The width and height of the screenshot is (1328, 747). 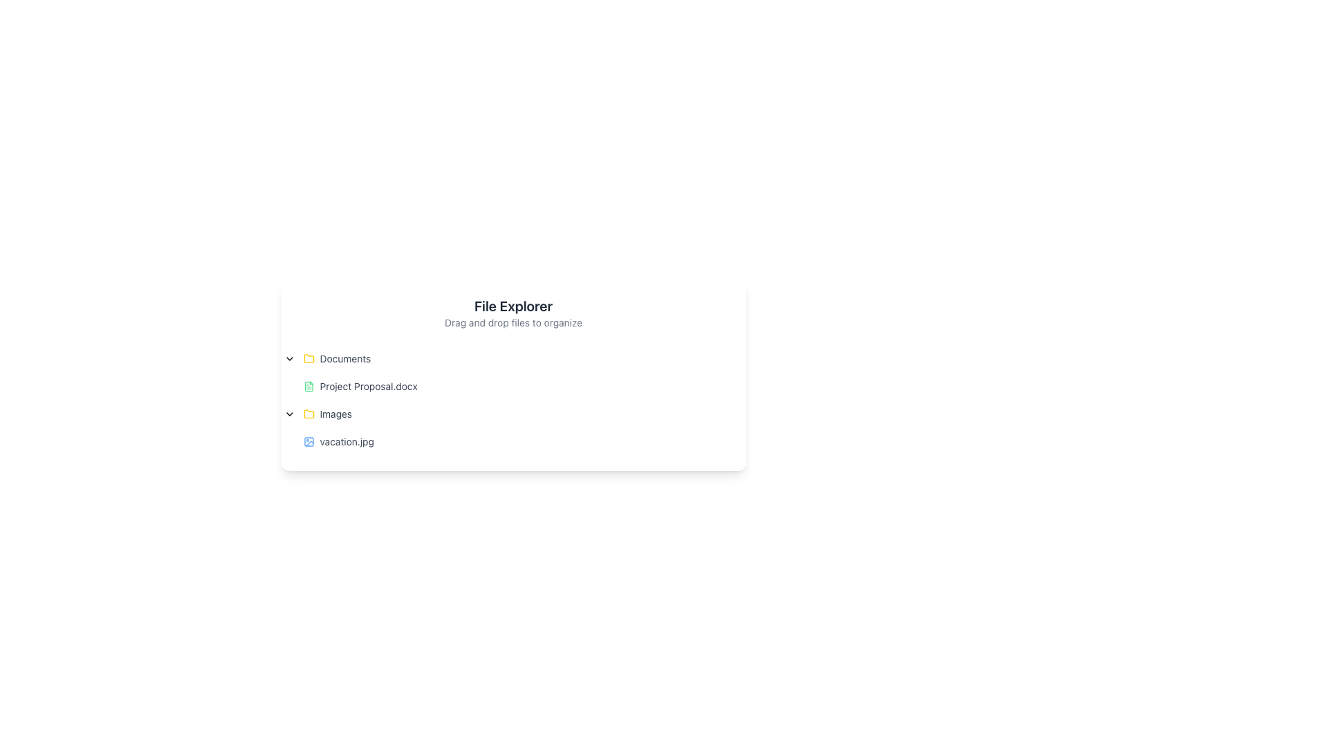 I want to click on the text label that reads 'Documents', which is styled in a smaller gray font and aligned with a yellow folder icon, so click(x=345, y=358).